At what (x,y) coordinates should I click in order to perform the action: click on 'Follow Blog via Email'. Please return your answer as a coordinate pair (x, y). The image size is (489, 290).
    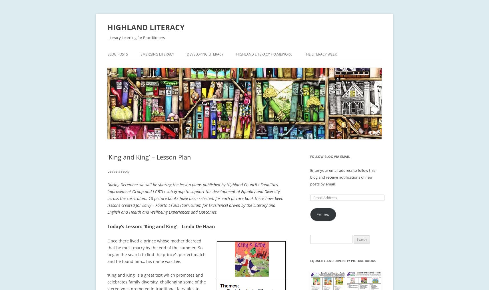
    Looking at the image, I should click on (330, 156).